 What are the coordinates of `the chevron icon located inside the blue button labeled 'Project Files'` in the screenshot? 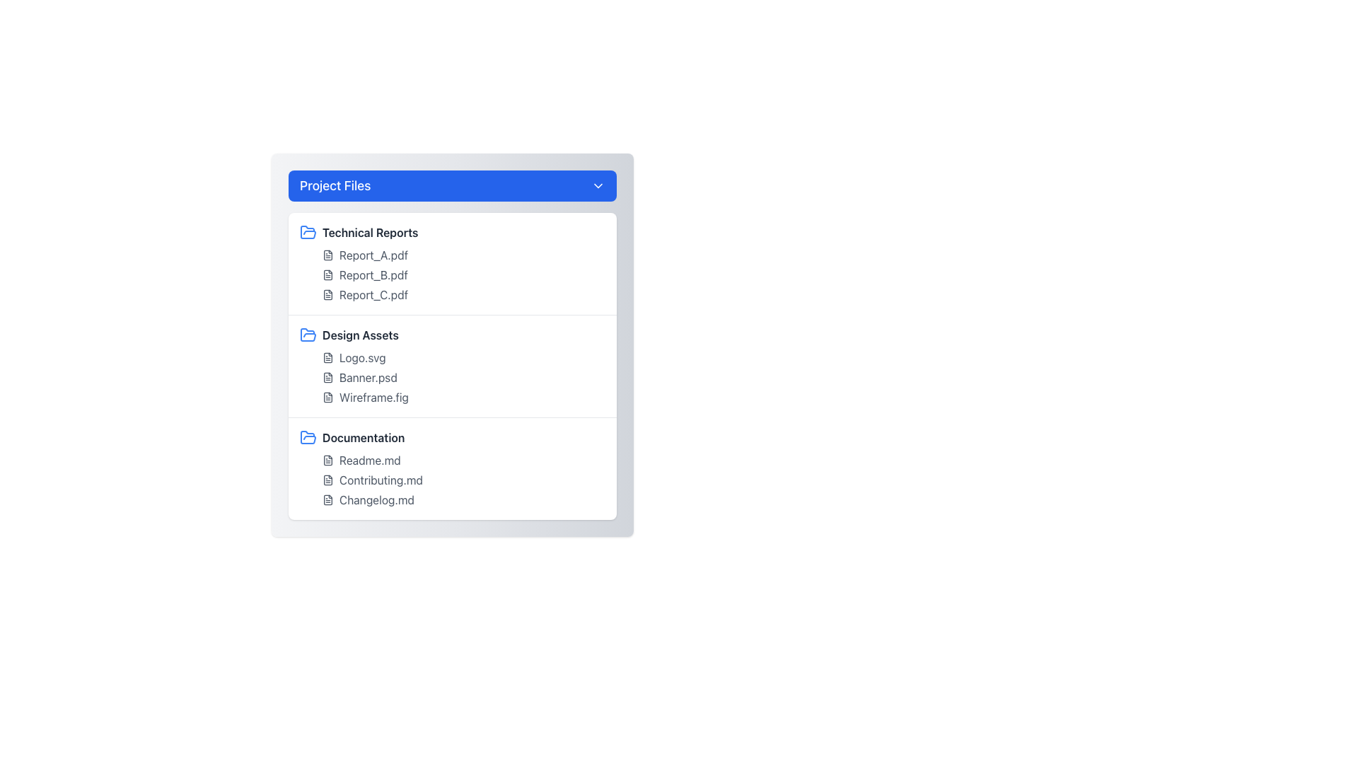 It's located at (598, 185).